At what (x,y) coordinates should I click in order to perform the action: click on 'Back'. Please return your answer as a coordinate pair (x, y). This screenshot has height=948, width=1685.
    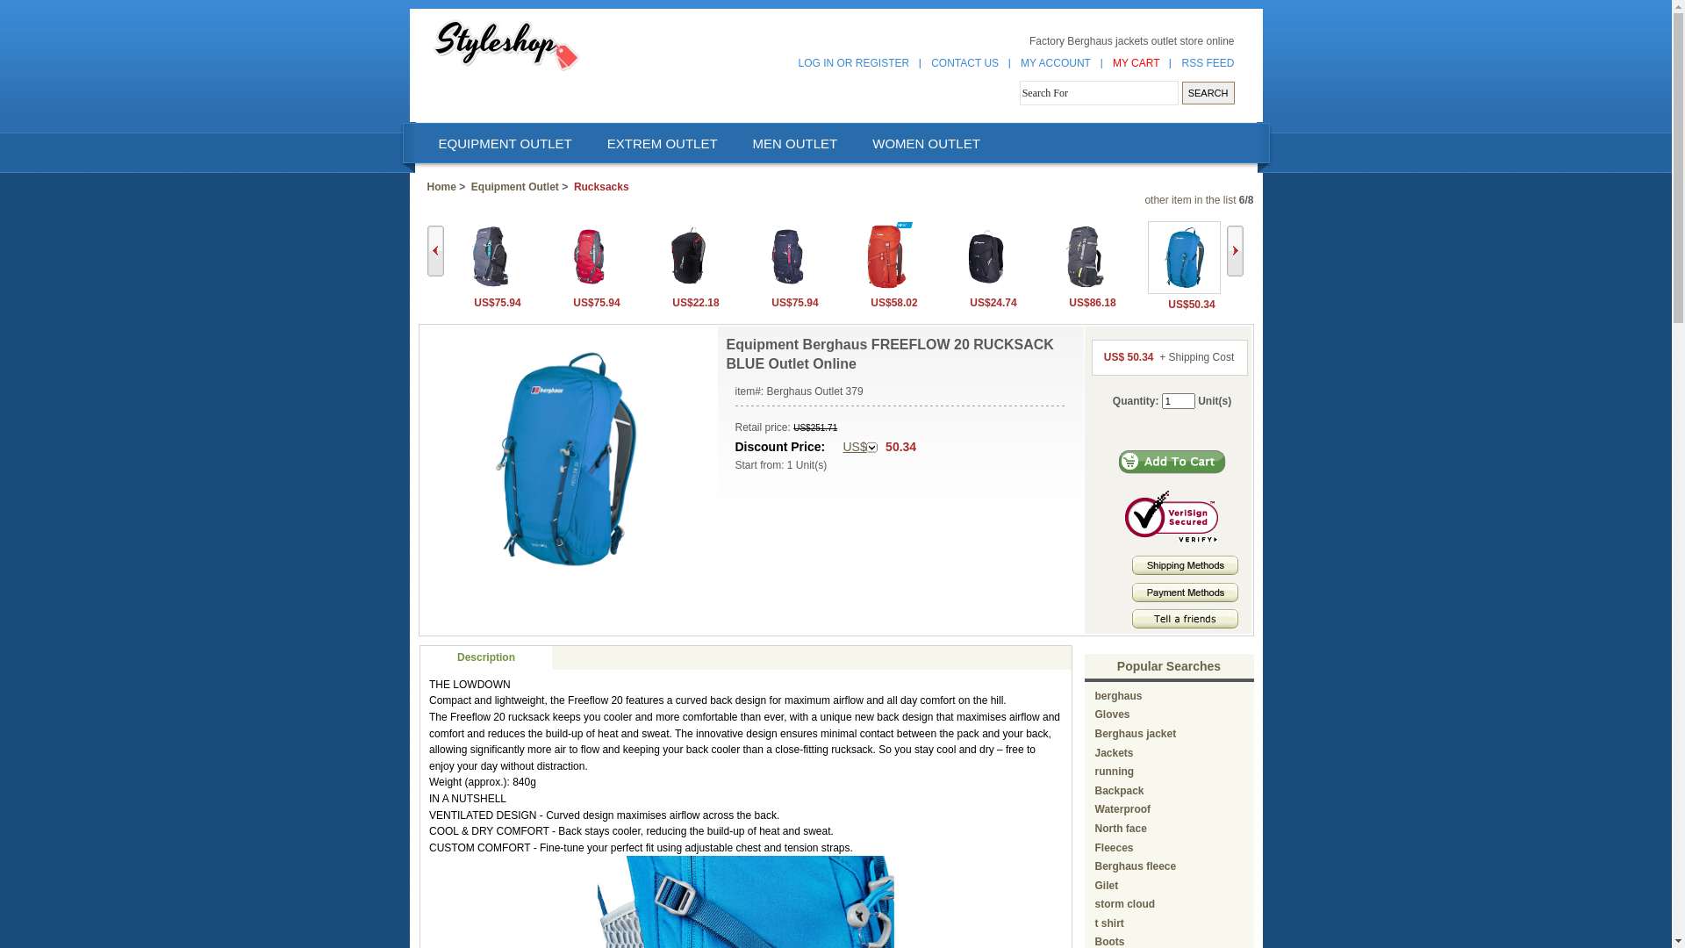
    Looking at the image, I should click on (434, 250).